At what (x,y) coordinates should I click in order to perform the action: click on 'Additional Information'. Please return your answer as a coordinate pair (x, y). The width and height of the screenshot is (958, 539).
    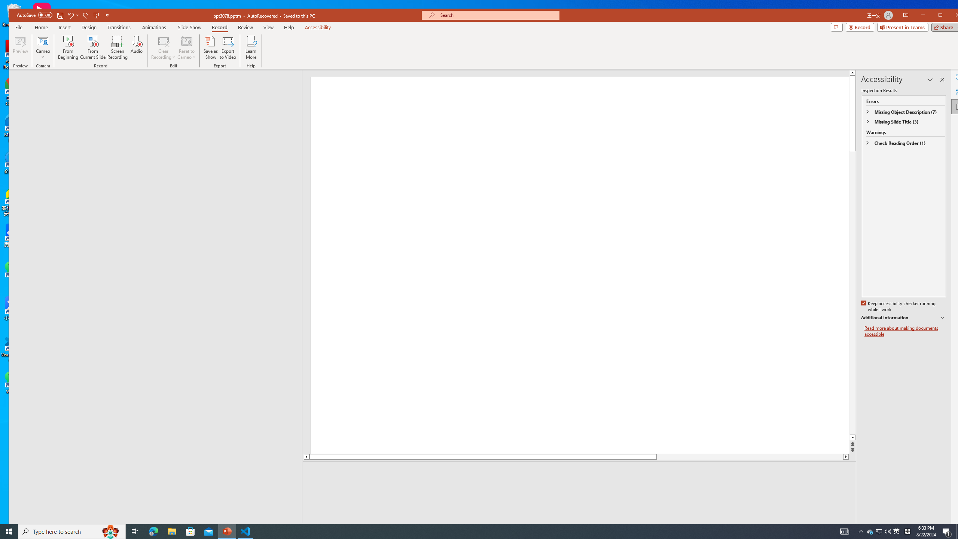
    Looking at the image, I should click on (903, 318).